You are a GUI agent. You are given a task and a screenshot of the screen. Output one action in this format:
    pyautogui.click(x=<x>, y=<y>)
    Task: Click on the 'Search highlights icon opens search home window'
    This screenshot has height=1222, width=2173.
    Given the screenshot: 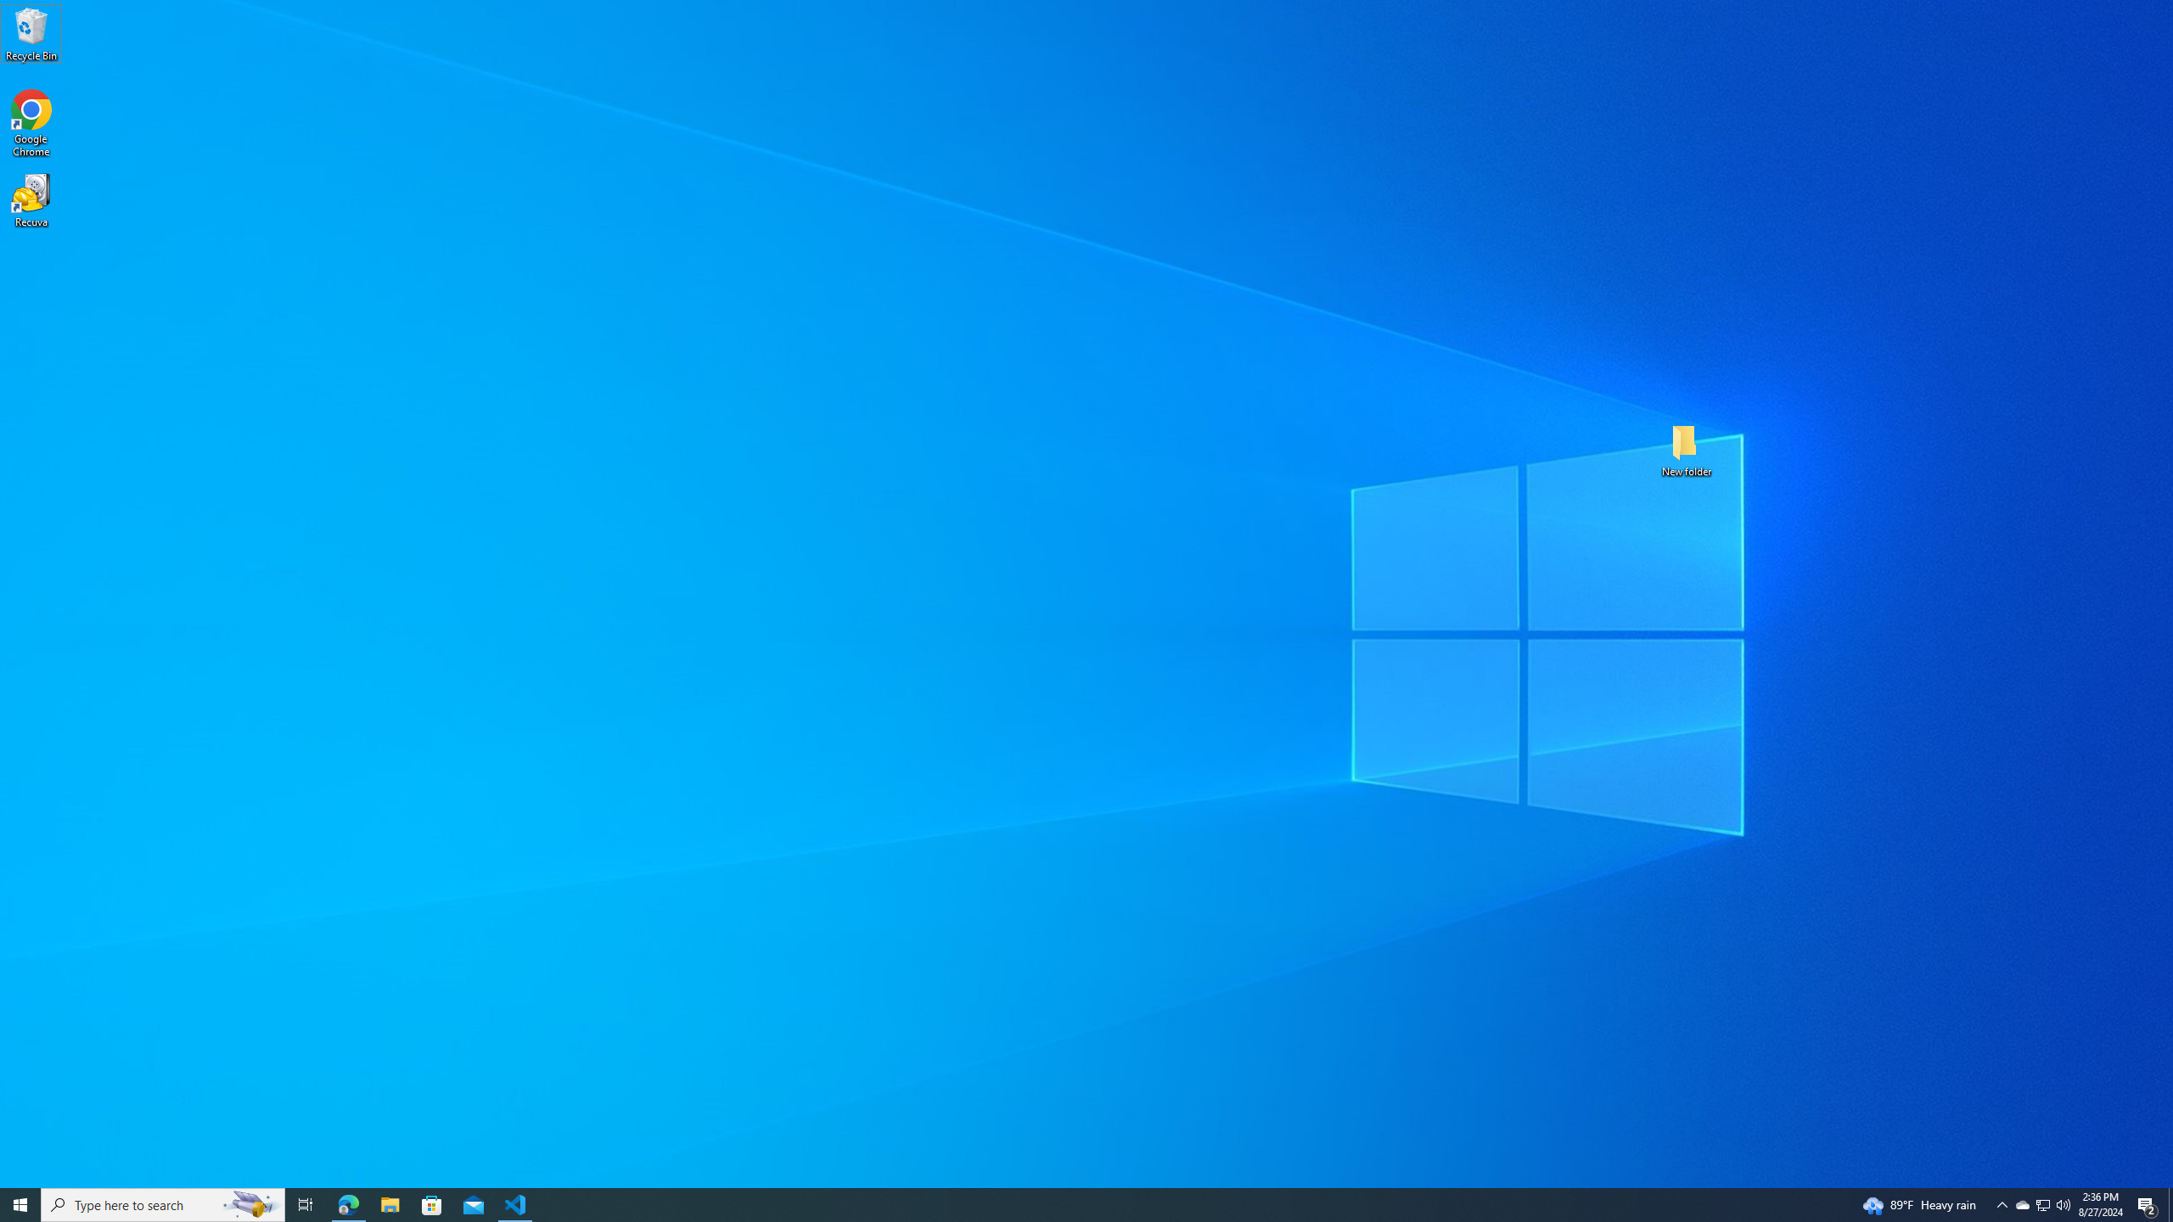 What is the action you would take?
    pyautogui.click(x=250, y=1203)
    